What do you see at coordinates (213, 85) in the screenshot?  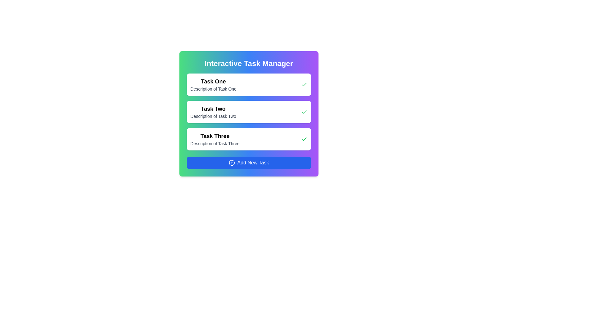 I see `the first task item` at bounding box center [213, 85].